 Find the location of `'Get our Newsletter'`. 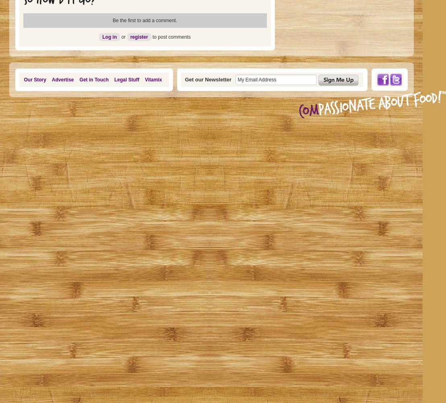

'Get our Newsletter' is located at coordinates (207, 79).